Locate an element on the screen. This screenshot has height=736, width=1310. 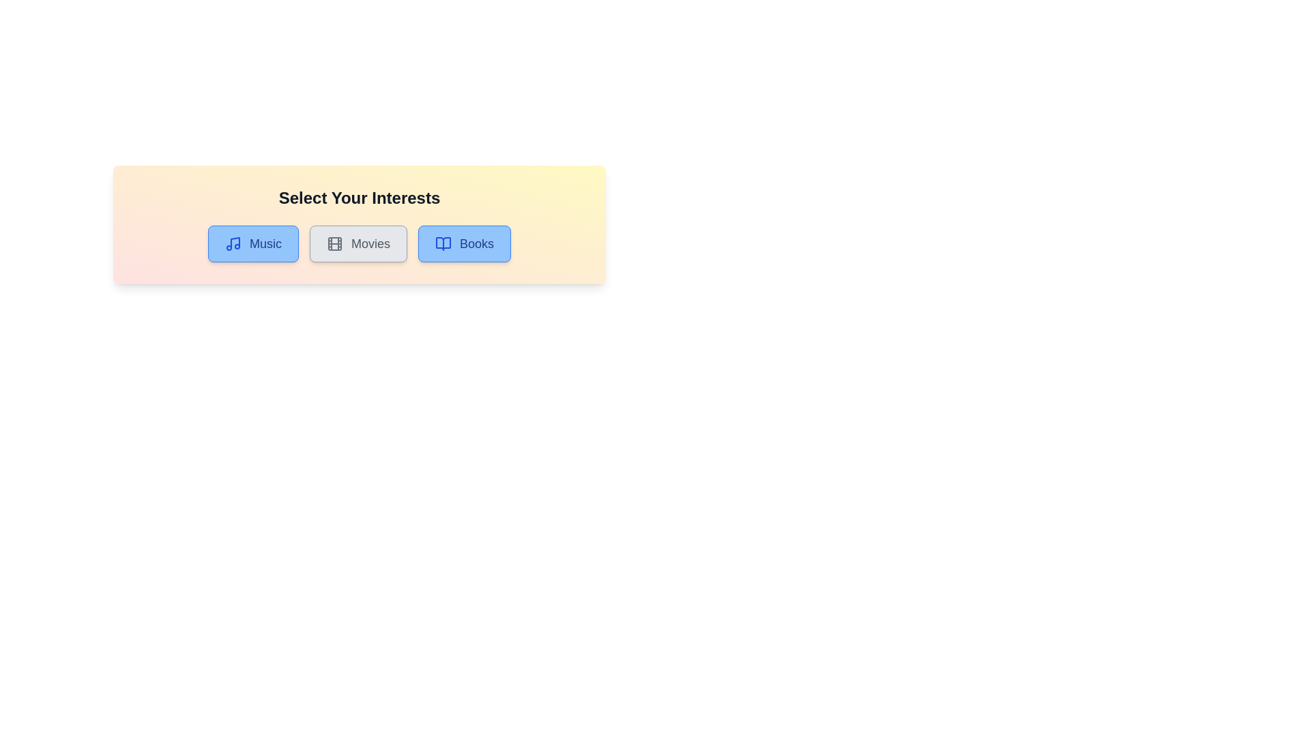
the interest Music by clicking its button is located at coordinates (252, 243).